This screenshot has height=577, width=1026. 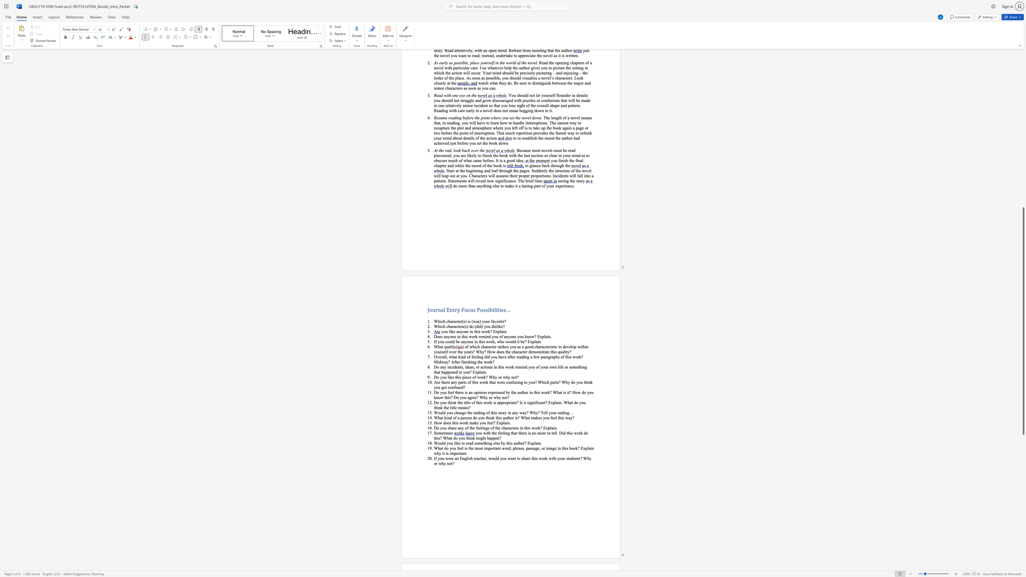 What do you see at coordinates (487, 402) in the screenshot?
I see `the 4th character "o" in the text` at bounding box center [487, 402].